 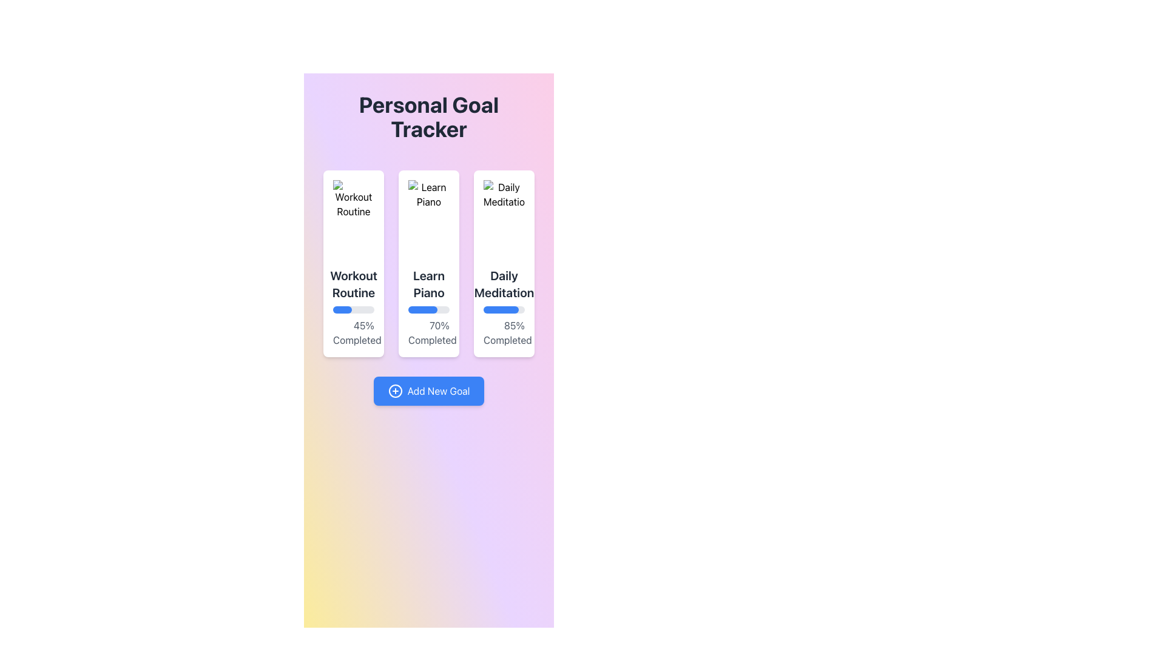 What do you see at coordinates (504, 332) in the screenshot?
I see `the text element displaying '85% Completed' in light gray, located at the bottom-right of the 'Daily Meditation' card` at bounding box center [504, 332].